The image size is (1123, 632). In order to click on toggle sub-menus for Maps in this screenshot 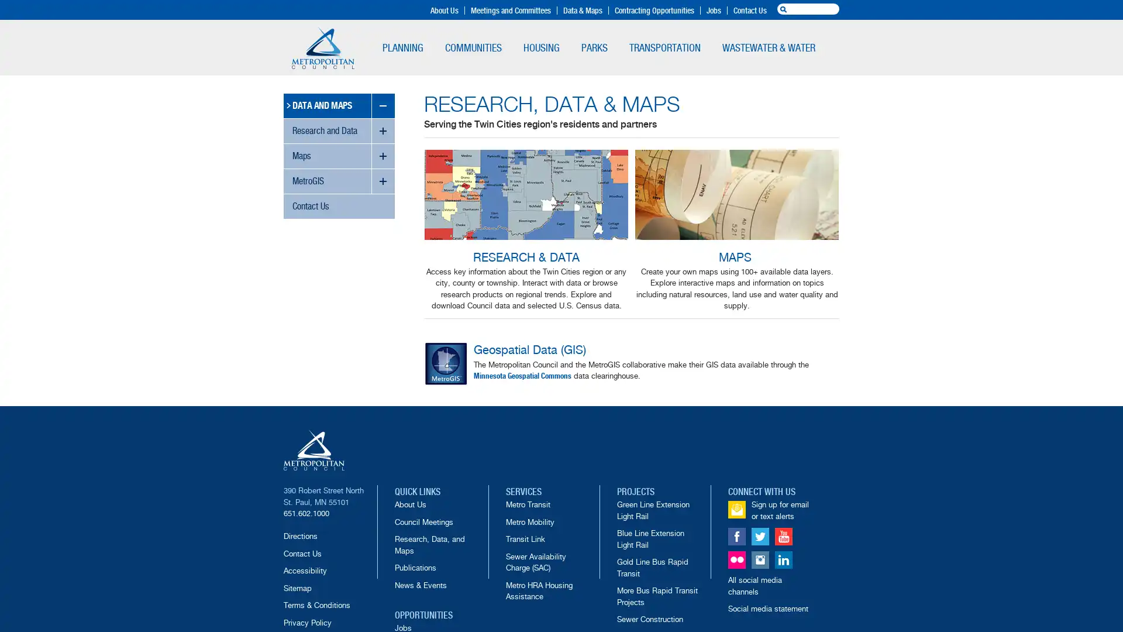, I will do `click(383, 156)`.